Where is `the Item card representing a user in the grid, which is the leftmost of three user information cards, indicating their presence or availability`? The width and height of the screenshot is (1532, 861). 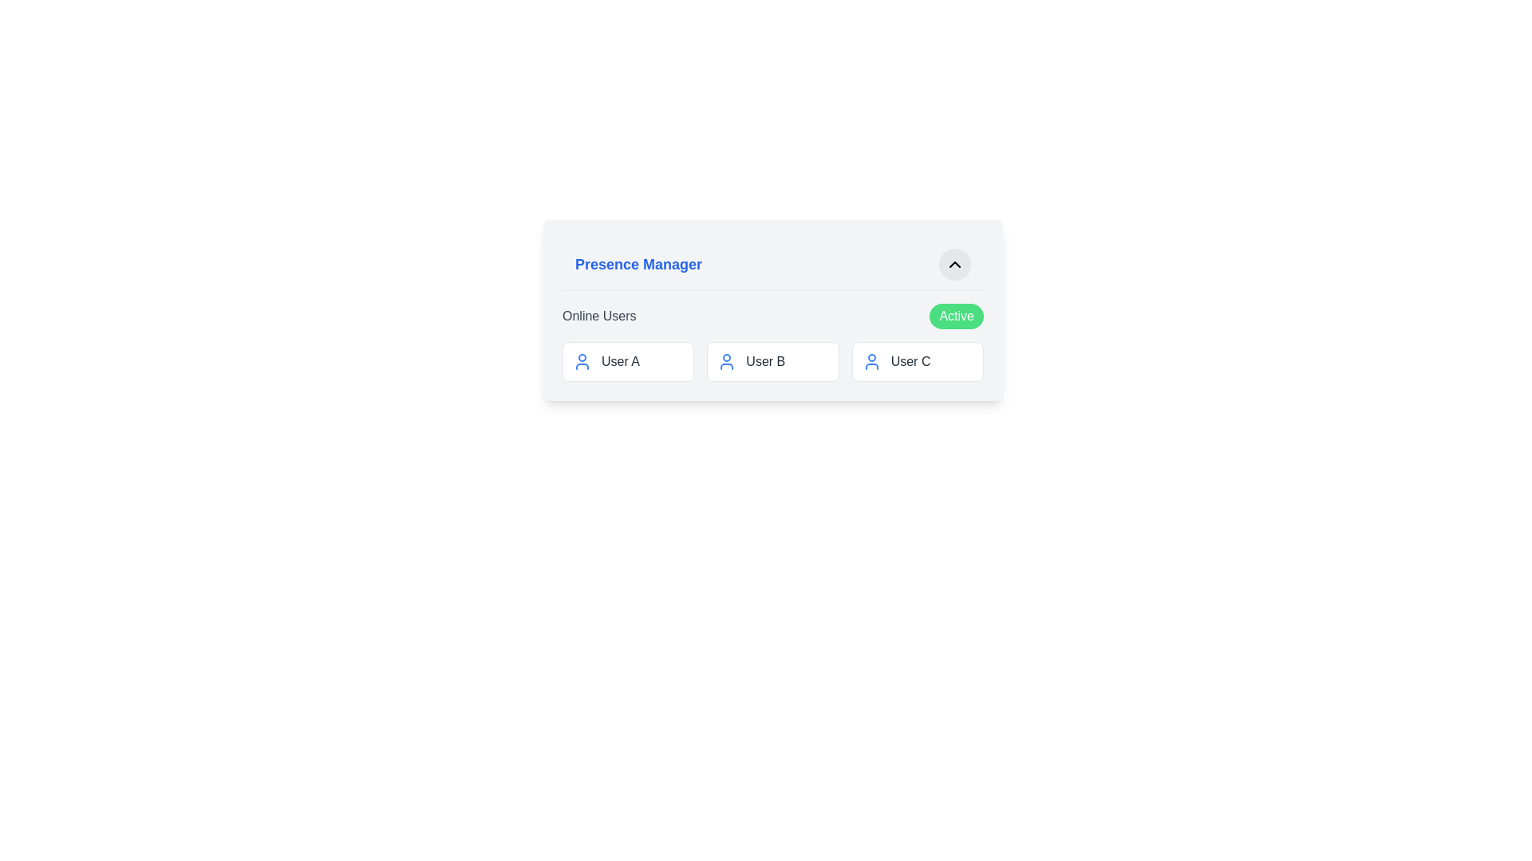
the Item card representing a user in the grid, which is the leftmost of three user information cards, indicating their presence or availability is located at coordinates (627, 362).